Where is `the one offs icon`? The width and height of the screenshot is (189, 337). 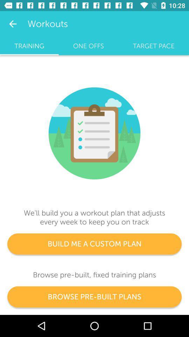
the one offs icon is located at coordinates (88, 46).